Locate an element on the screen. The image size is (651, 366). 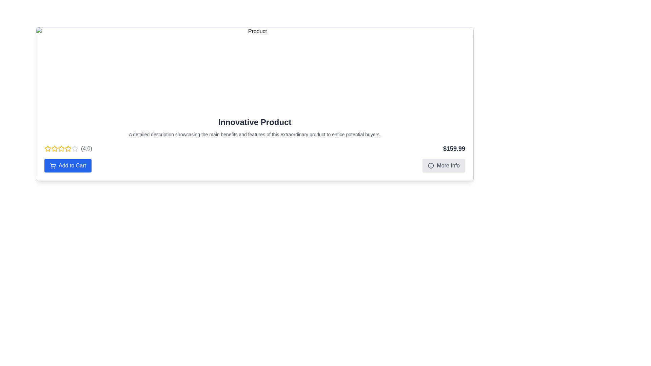
the fifth star icon in the product rating section, which contributes to the overall rating value is located at coordinates (68, 148).